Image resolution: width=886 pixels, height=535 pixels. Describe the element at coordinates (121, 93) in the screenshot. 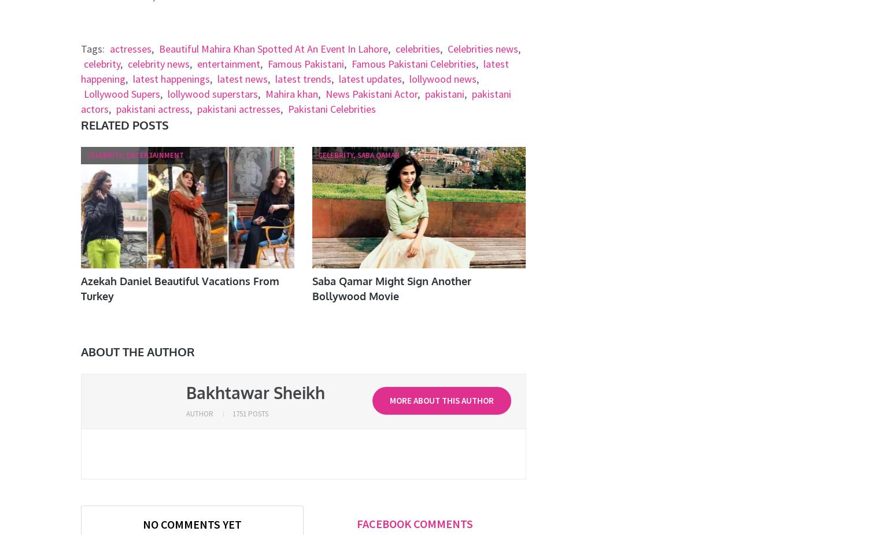

I see `'Lollywood Supers'` at that location.